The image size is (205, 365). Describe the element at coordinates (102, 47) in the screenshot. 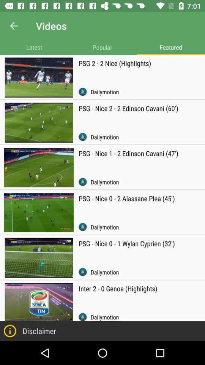

I see `the app next to latest icon` at that location.